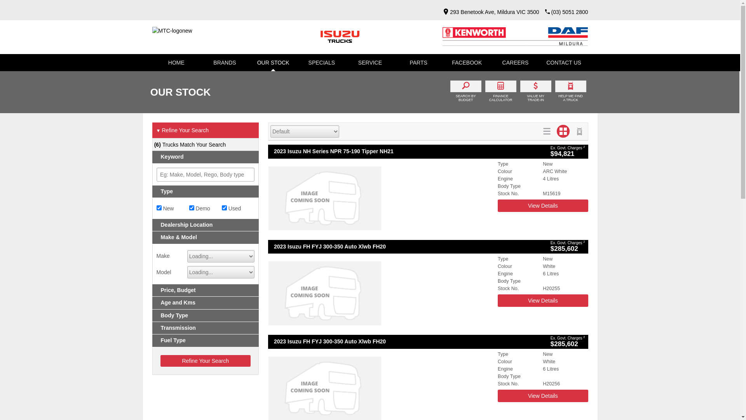 Image resolution: width=746 pixels, height=420 pixels. What do you see at coordinates (206, 340) in the screenshot?
I see `'Fuel Type'` at bounding box center [206, 340].